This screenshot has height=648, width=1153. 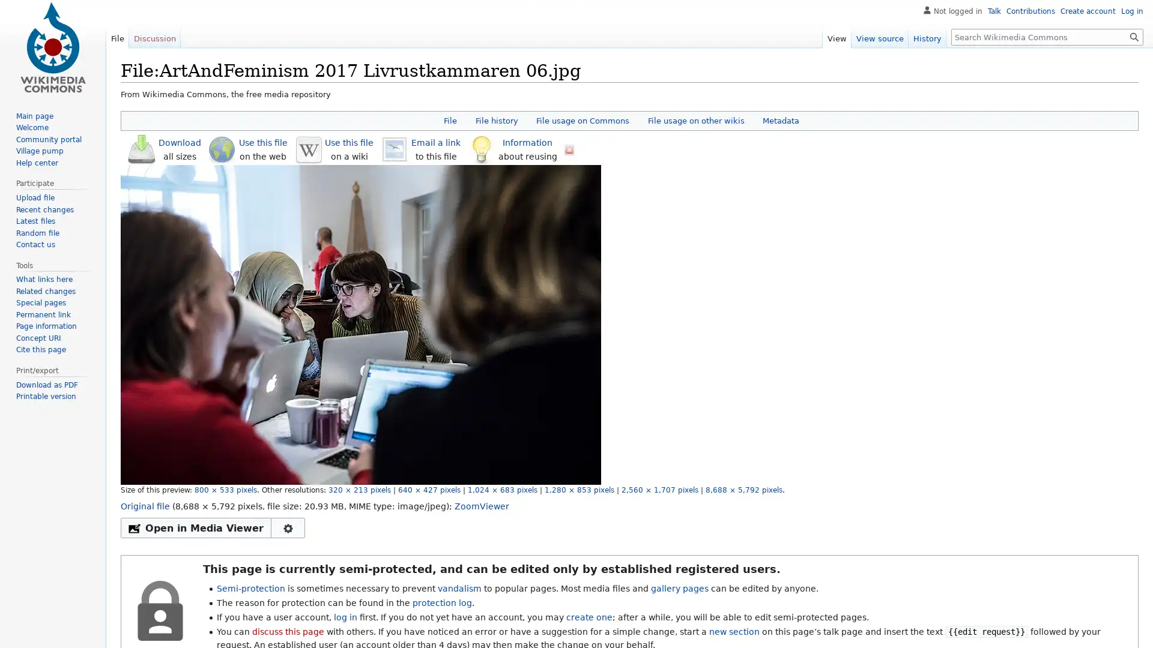 I want to click on Search, so click(x=1134, y=36).